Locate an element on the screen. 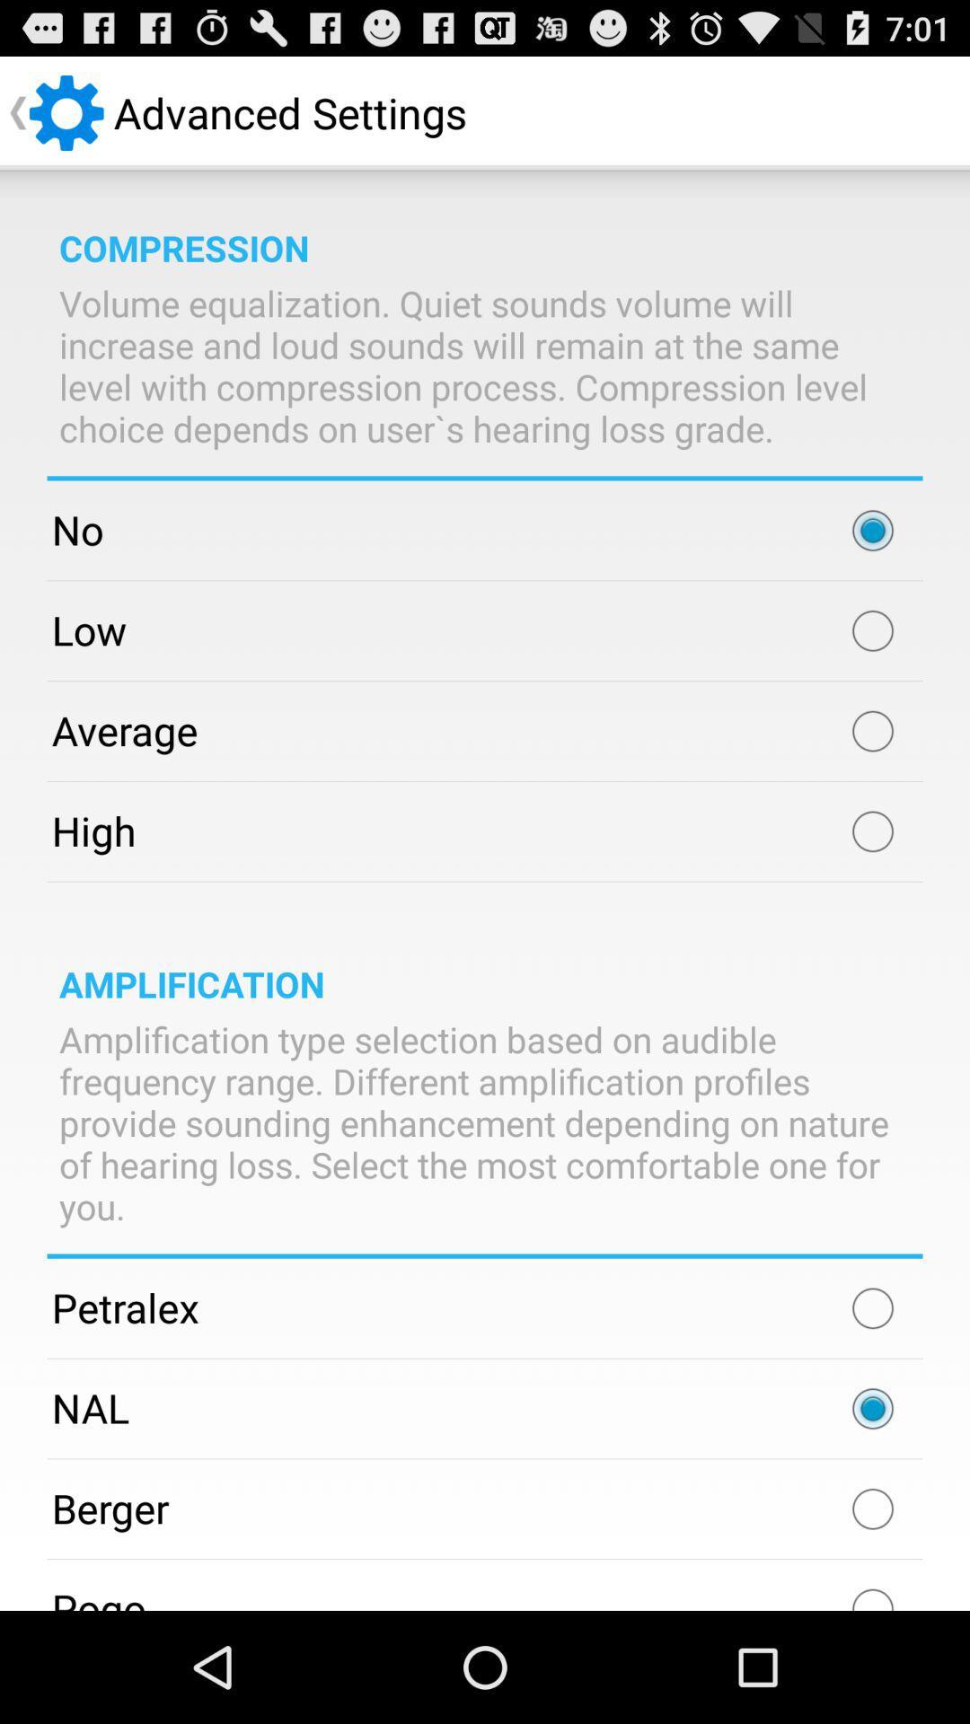 The image size is (970, 1724). berger is located at coordinates (872, 1508).